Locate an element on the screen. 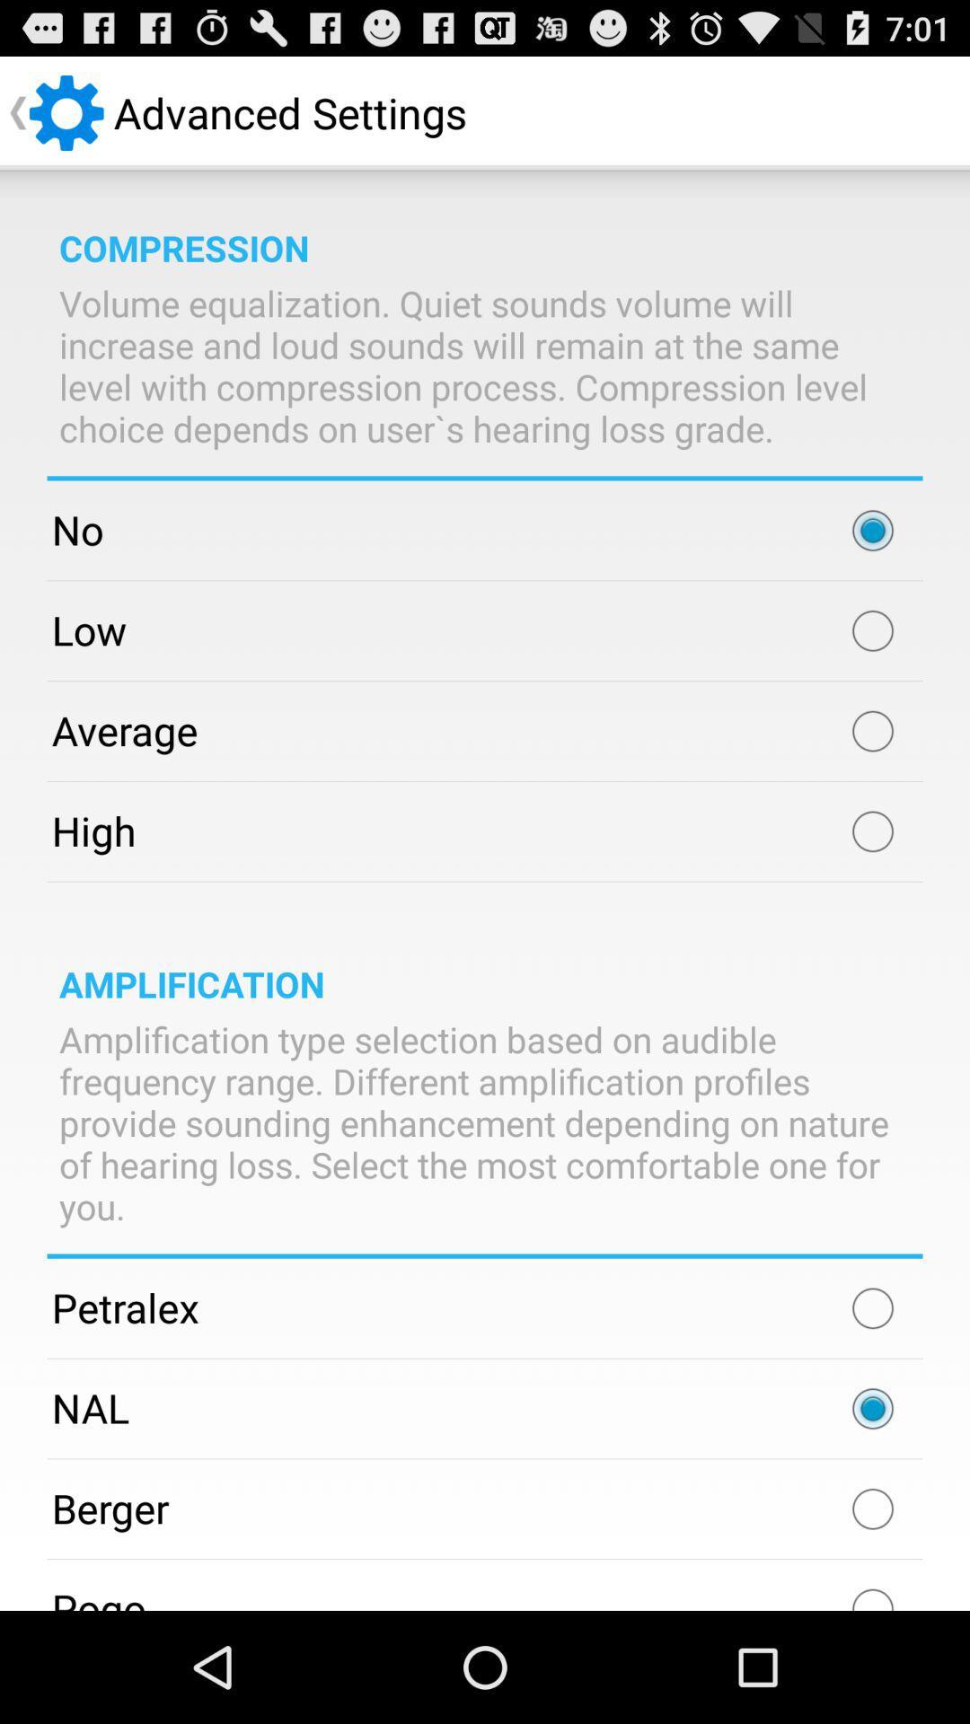 The image size is (970, 1724). berger is located at coordinates (872, 1508).